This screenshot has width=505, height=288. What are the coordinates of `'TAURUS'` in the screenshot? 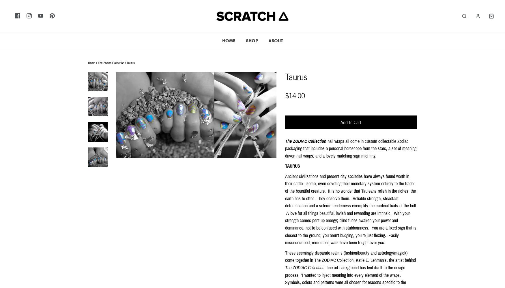 It's located at (292, 166).